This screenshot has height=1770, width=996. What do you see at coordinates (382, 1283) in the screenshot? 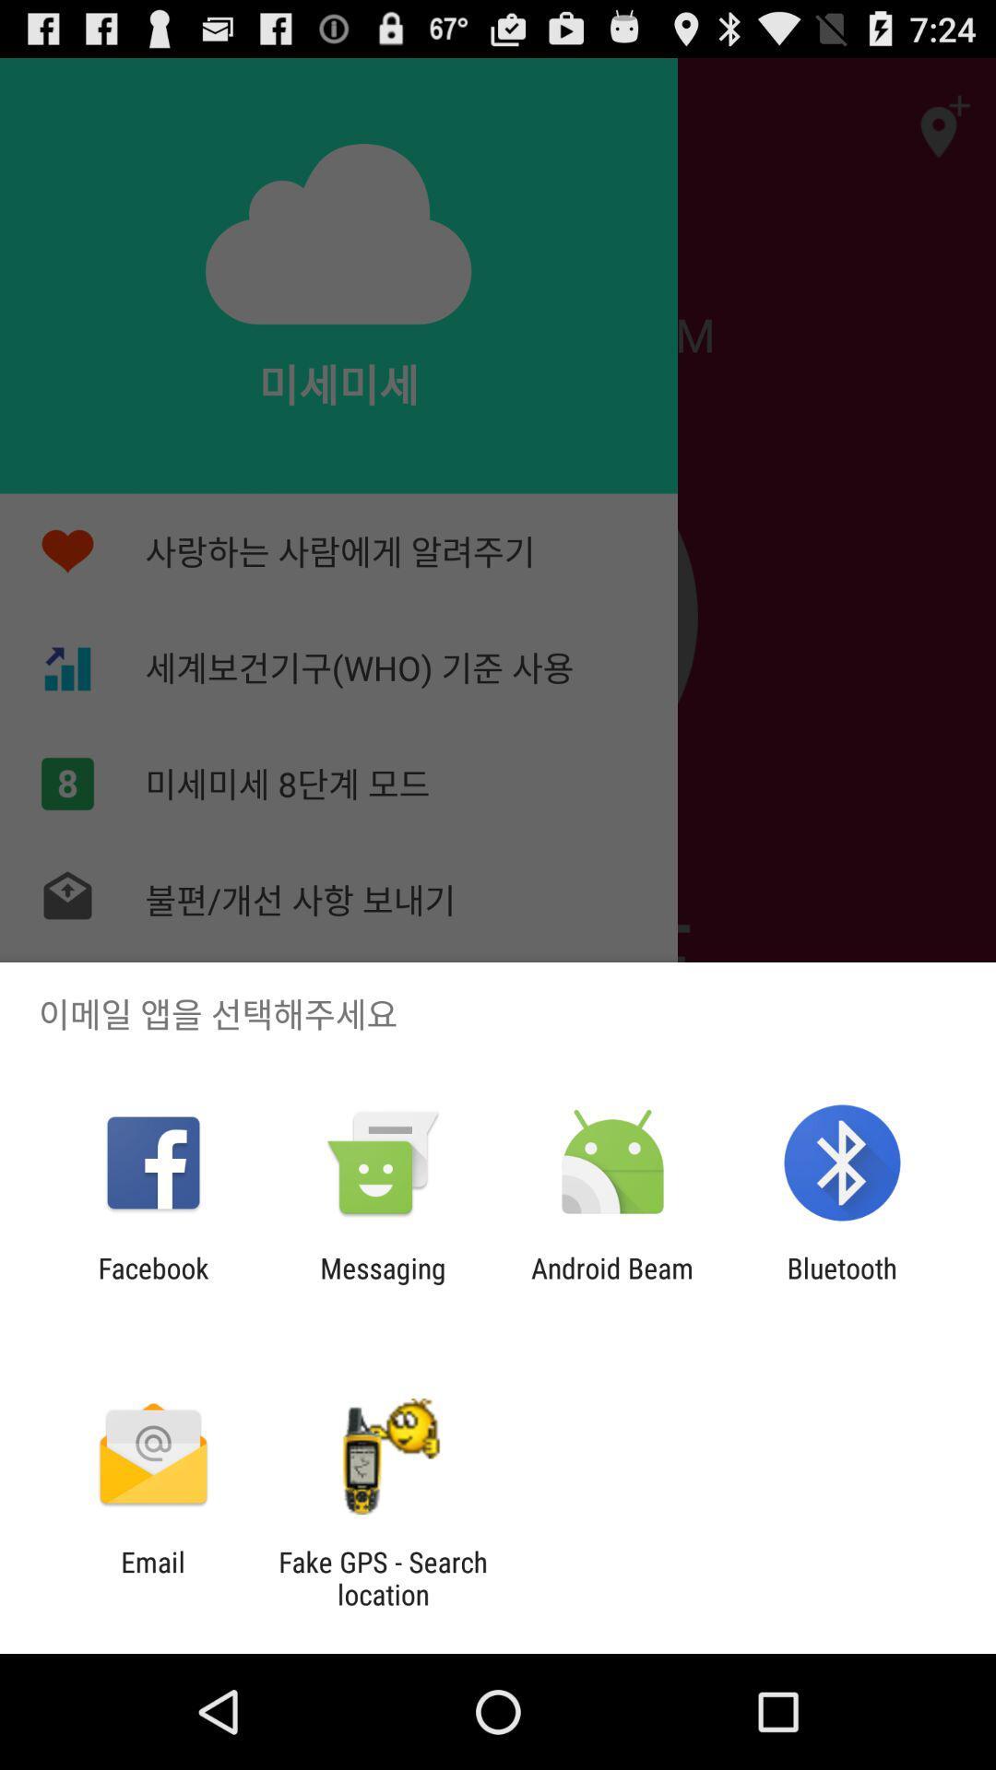
I see `the icon next to facebook` at bounding box center [382, 1283].